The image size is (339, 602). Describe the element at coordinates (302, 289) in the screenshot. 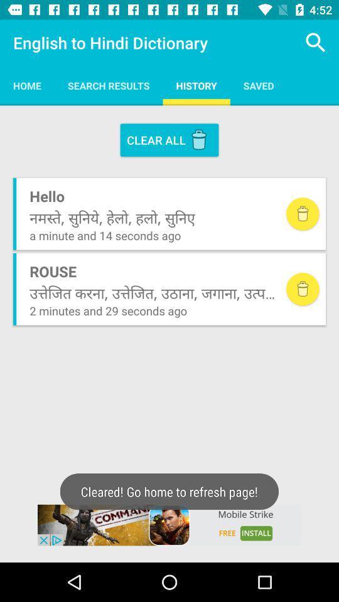

I see `delete this search` at that location.